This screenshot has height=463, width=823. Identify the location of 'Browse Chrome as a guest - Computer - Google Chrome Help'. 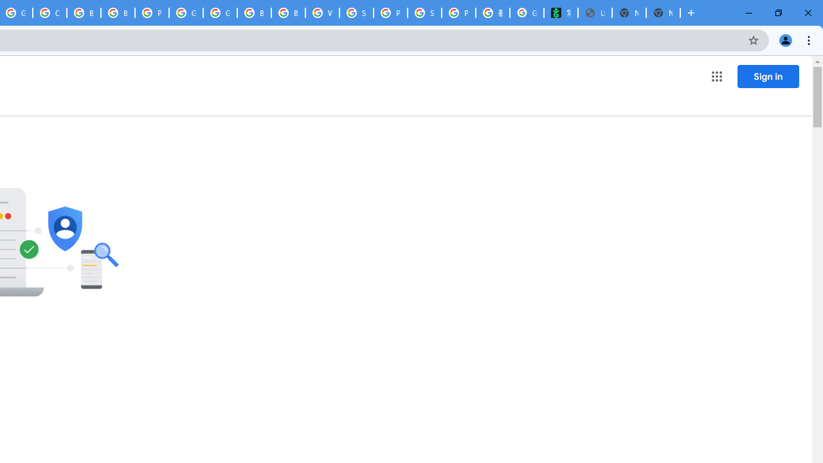
(83, 13).